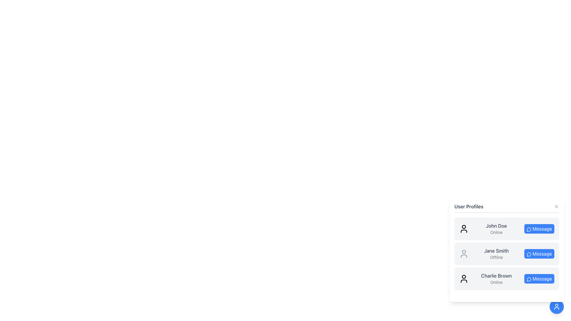  What do you see at coordinates (539, 229) in the screenshot?
I see `the button for initiating a messaging action for the user 'John Doe'` at bounding box center [539, 229].